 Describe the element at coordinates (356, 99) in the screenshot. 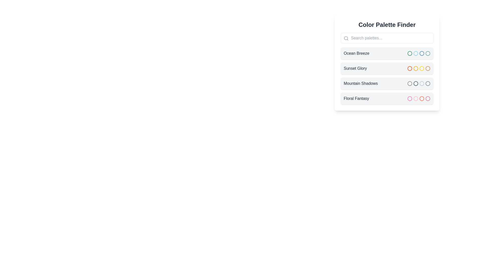

I see `the text label 'Floral Fantasy' which is styled in gray color and located within the color palette section` at that location.